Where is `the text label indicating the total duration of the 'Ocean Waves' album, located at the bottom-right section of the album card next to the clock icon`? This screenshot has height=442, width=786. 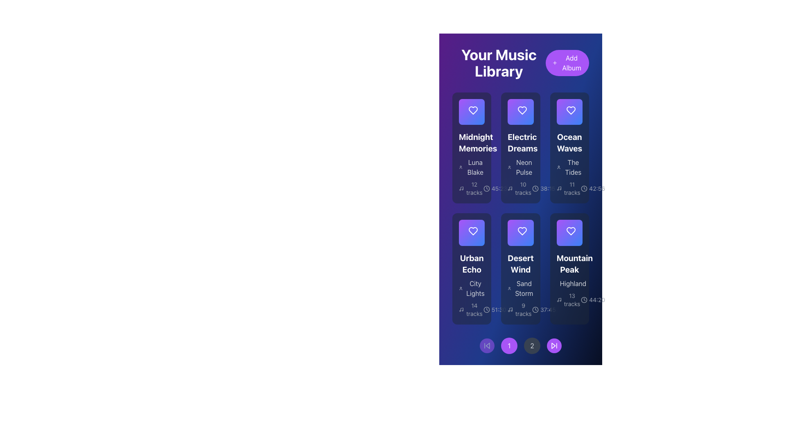 the text label indicating the total duration of the 'Ocean Waves' album, located at the bottom-right section of the album card next to the clock icon is located at coordinates (597, 189).